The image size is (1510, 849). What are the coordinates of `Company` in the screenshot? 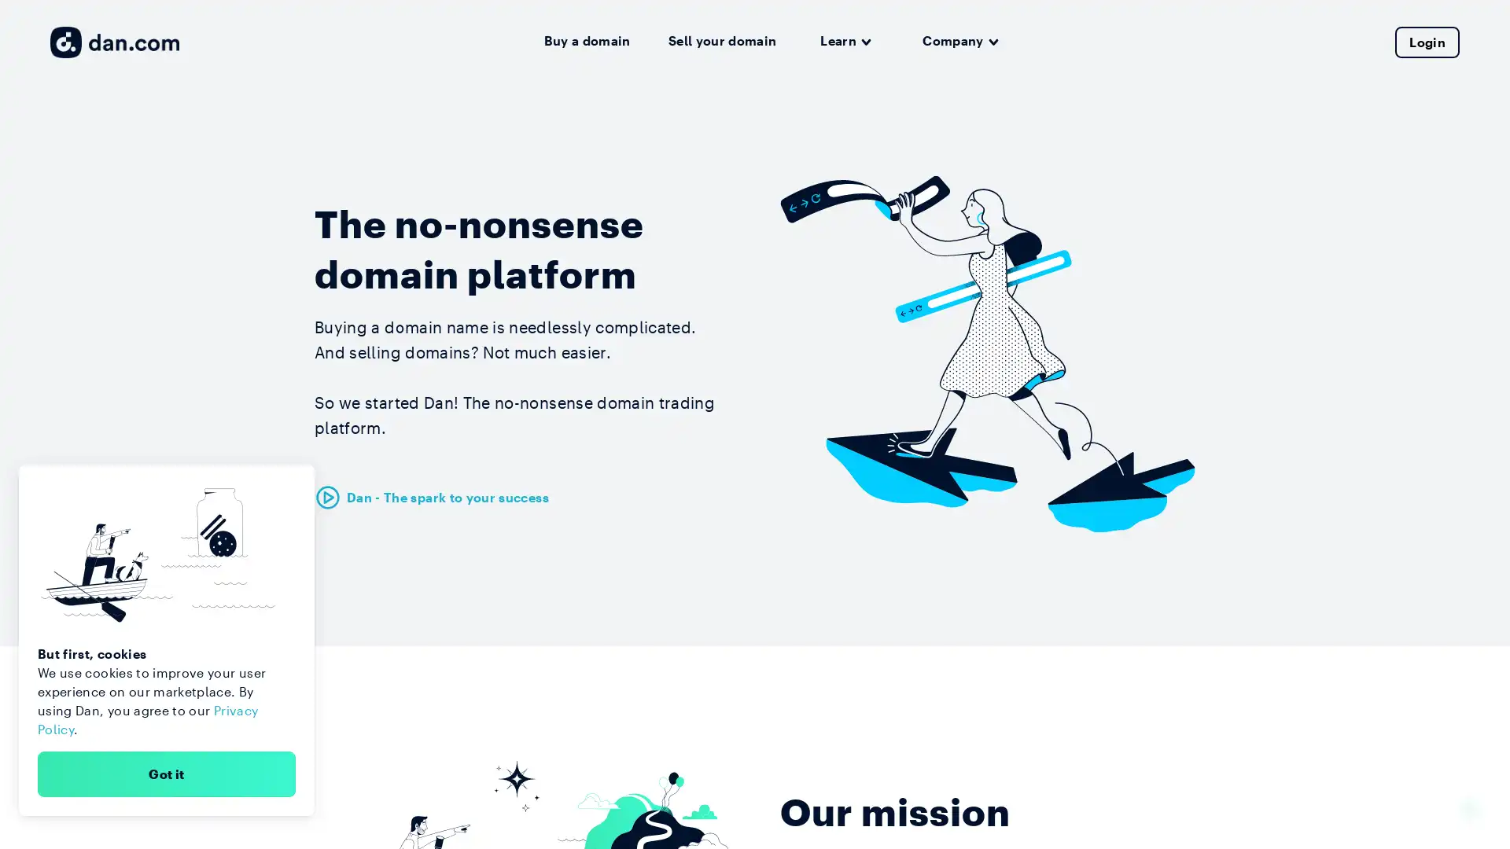 It's located at (959, 41).